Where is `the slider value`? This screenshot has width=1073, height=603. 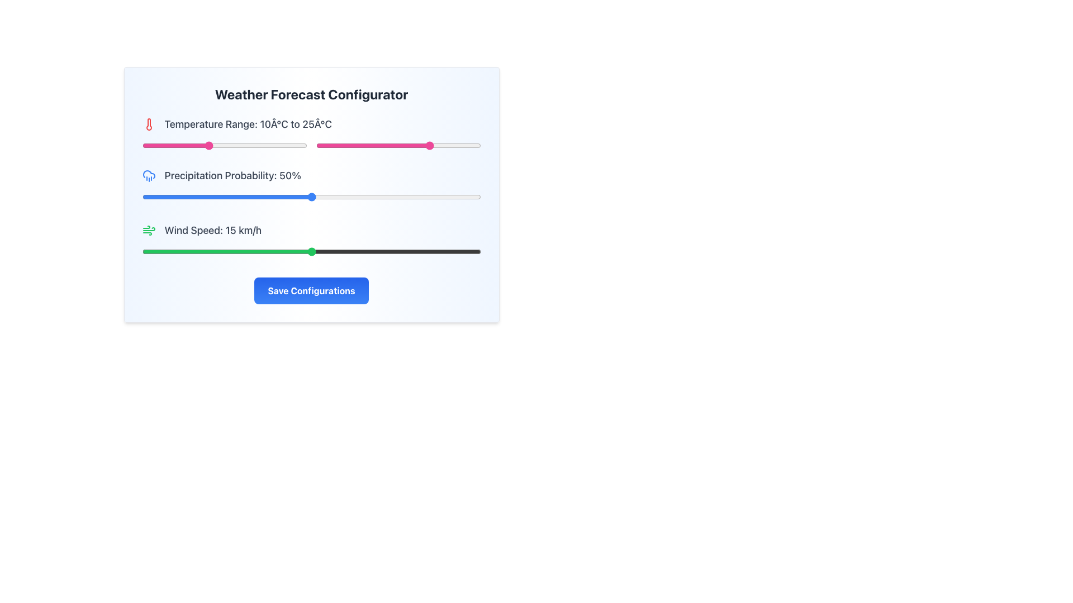
the slider value is located at coordinates (201, 145).